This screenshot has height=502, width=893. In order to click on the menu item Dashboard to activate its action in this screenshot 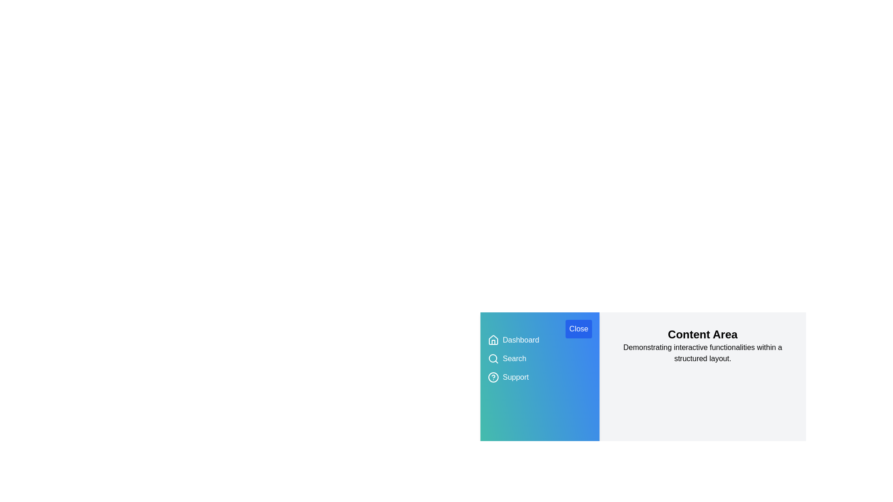, I will do `click(520, 340)`.